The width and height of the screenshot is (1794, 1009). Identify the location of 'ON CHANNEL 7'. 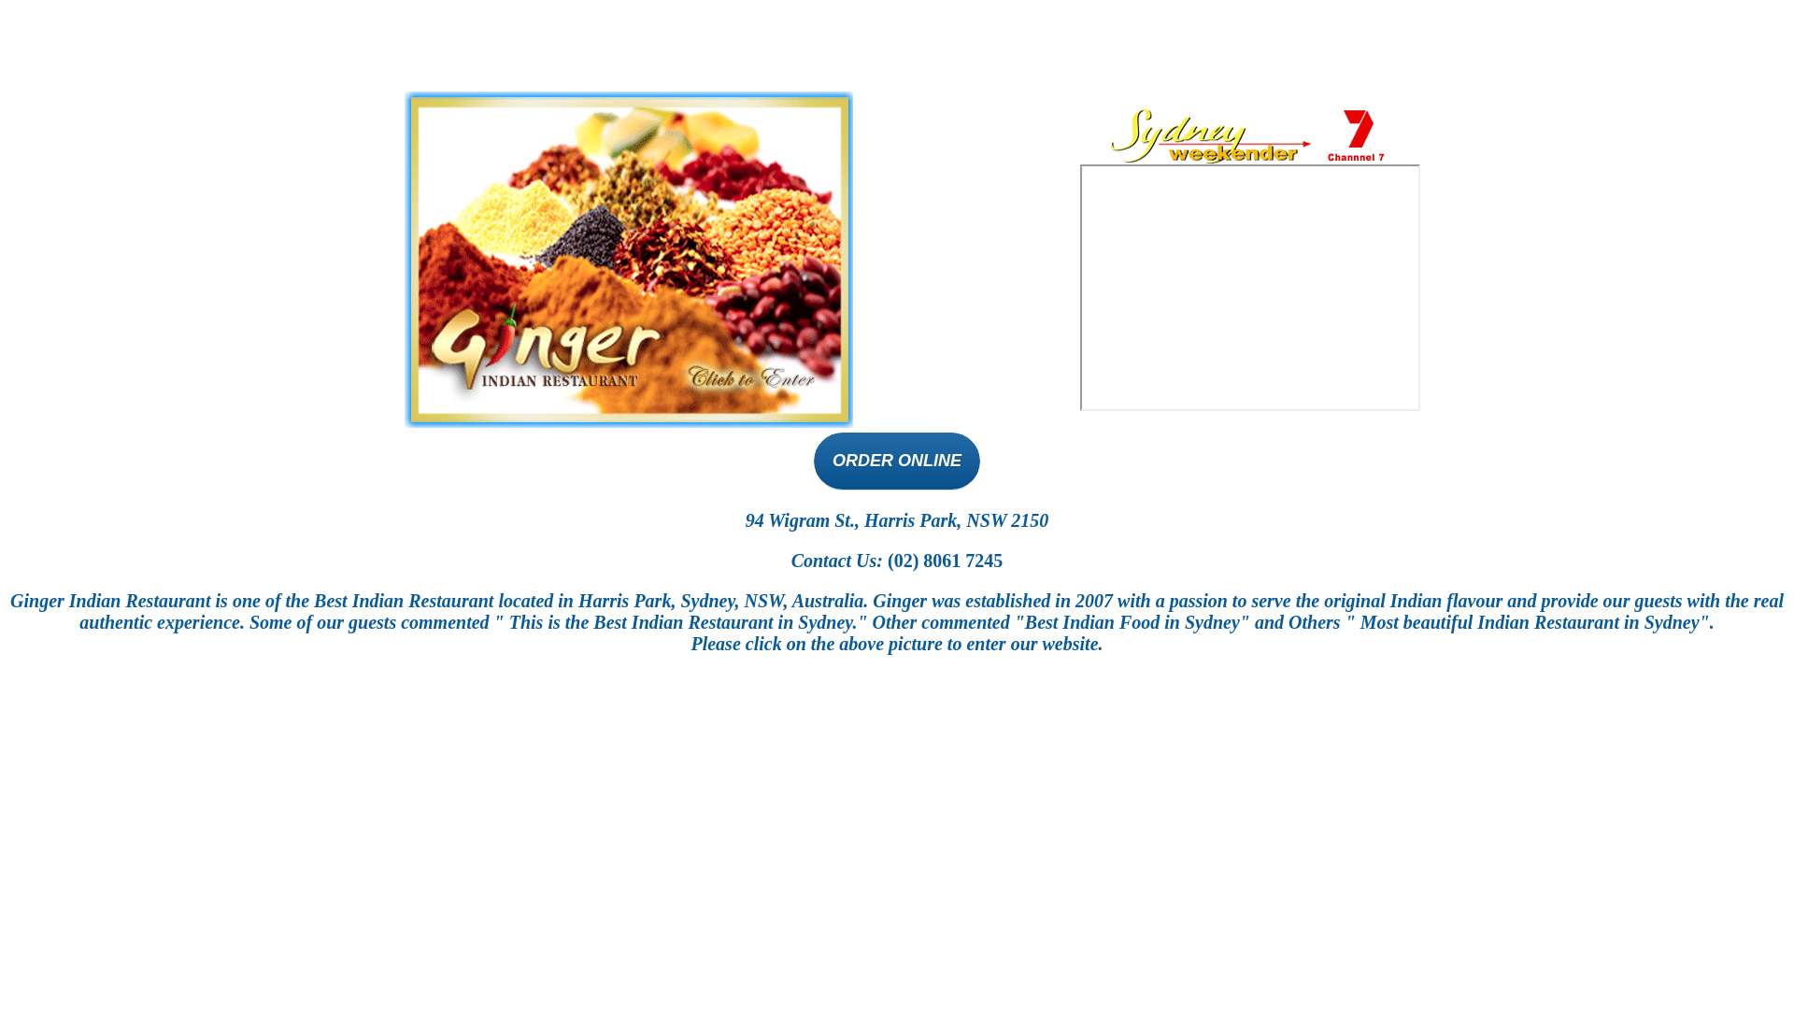
(1250, 288).